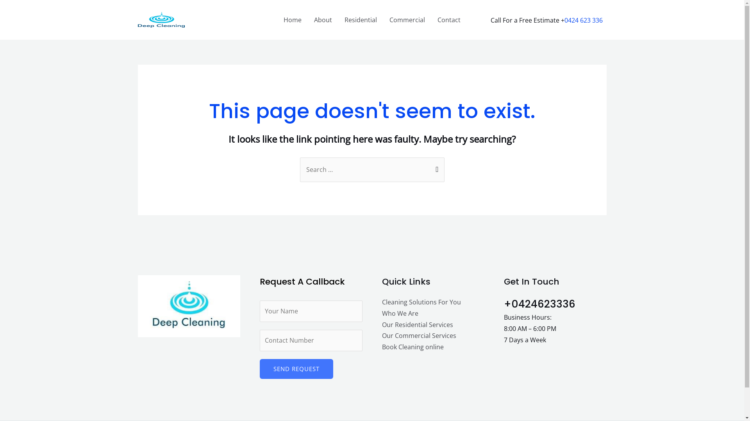 The height and width of the screenshot is (421, 750). What do you see at coordinates (449, 19) in the screenshot?
I see `'Contact'` at bounding box center [449, 19].